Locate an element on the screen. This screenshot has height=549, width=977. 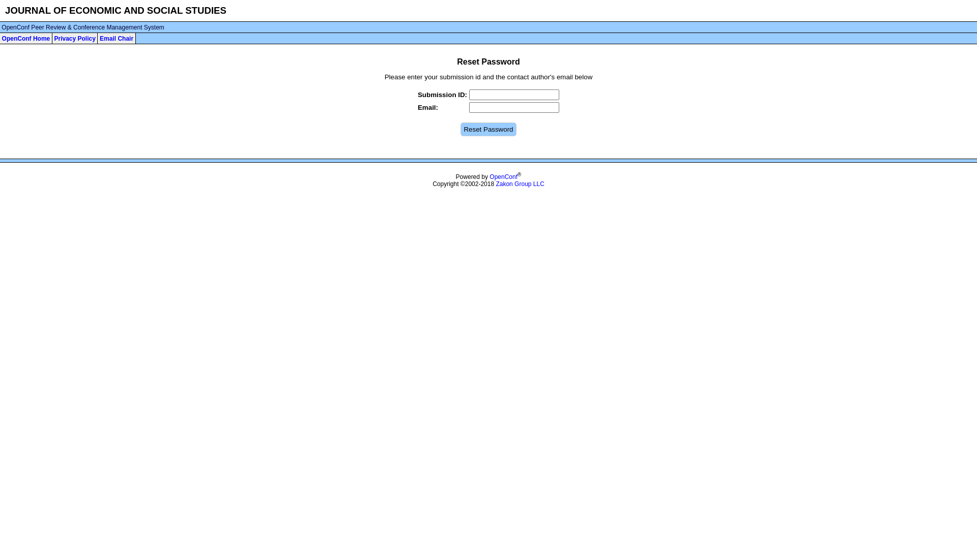
'Privacy Policy' is located at coordinates (74, 38).